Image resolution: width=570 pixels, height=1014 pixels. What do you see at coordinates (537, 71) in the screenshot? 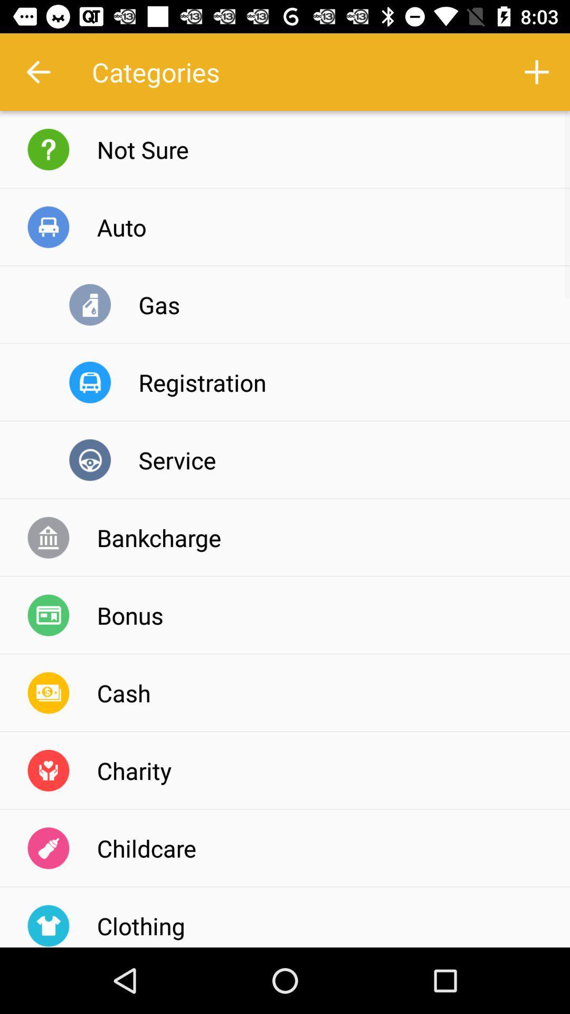
I see `item to the right of categories app` at bounding box center [537, 71].